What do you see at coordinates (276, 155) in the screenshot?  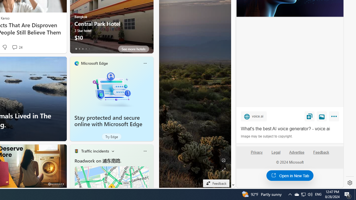 I see `'Legal'` at bounding box center [276, 155].